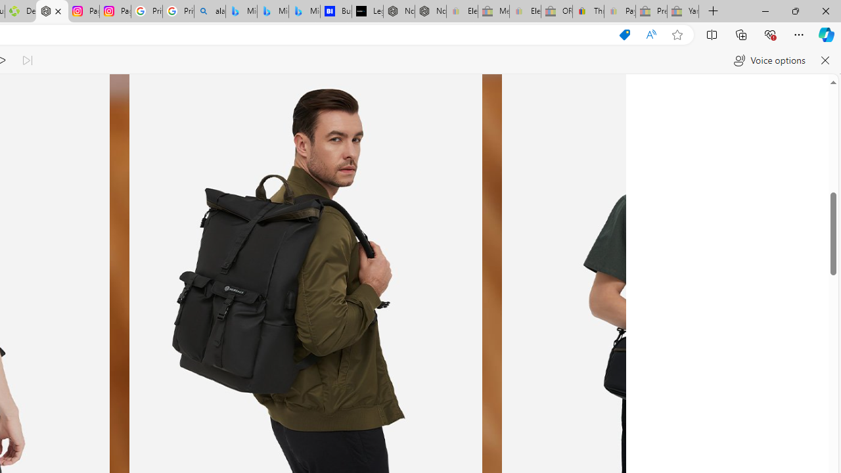 The image size is (841, 473). What do you see at coordinates (209, 11) in the screenshot?
I see `'alabama high school quarterback dies - Search'` at bounding box center [209, 11].